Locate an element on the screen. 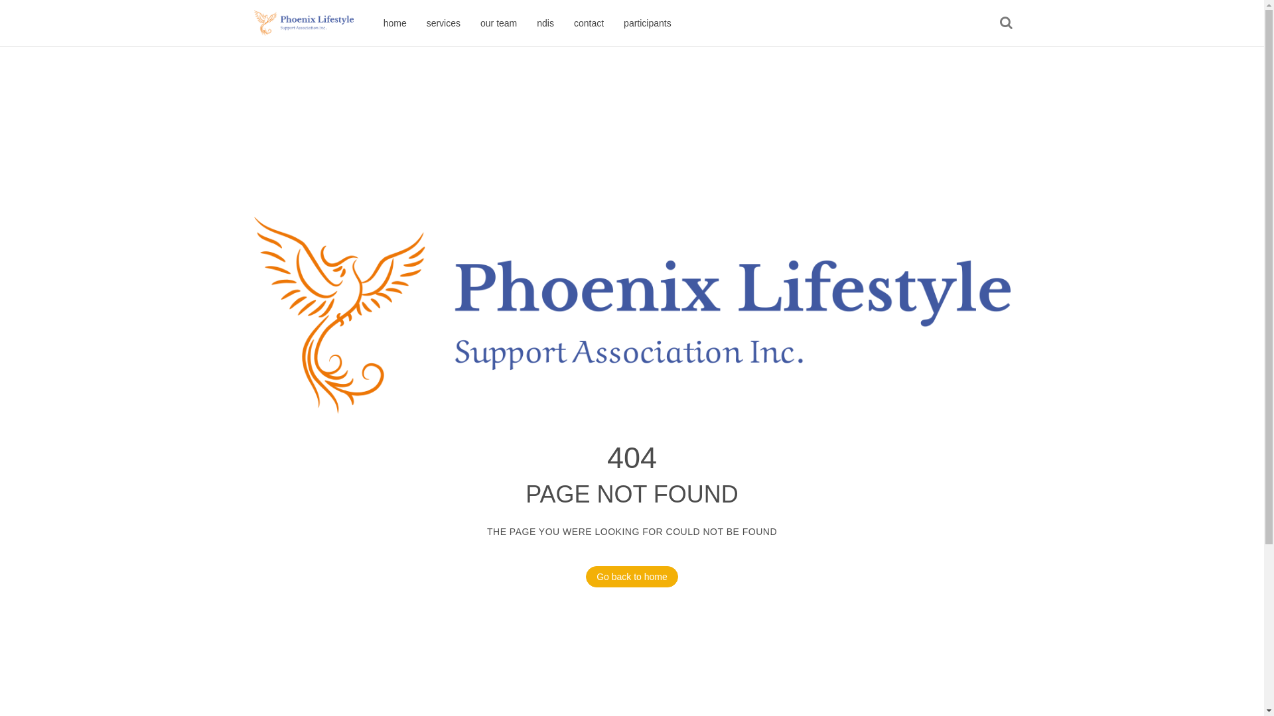  'GO' is located at coordinates (1005, 23).